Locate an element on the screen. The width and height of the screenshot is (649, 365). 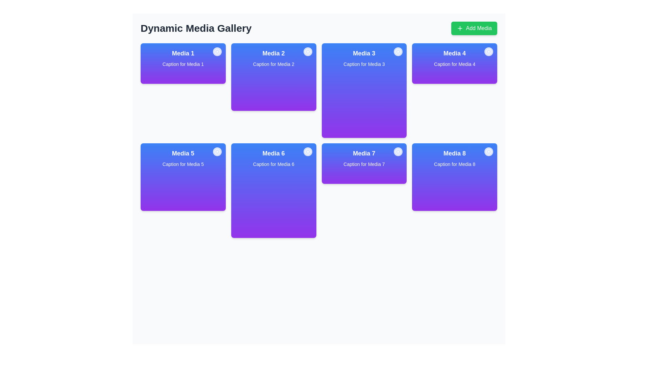
text content of the text label that reads 'Caption for Media 7', which is positioned below the title 'Media 7' within the gradient-shaded card component is located at coordinates (364, 164).